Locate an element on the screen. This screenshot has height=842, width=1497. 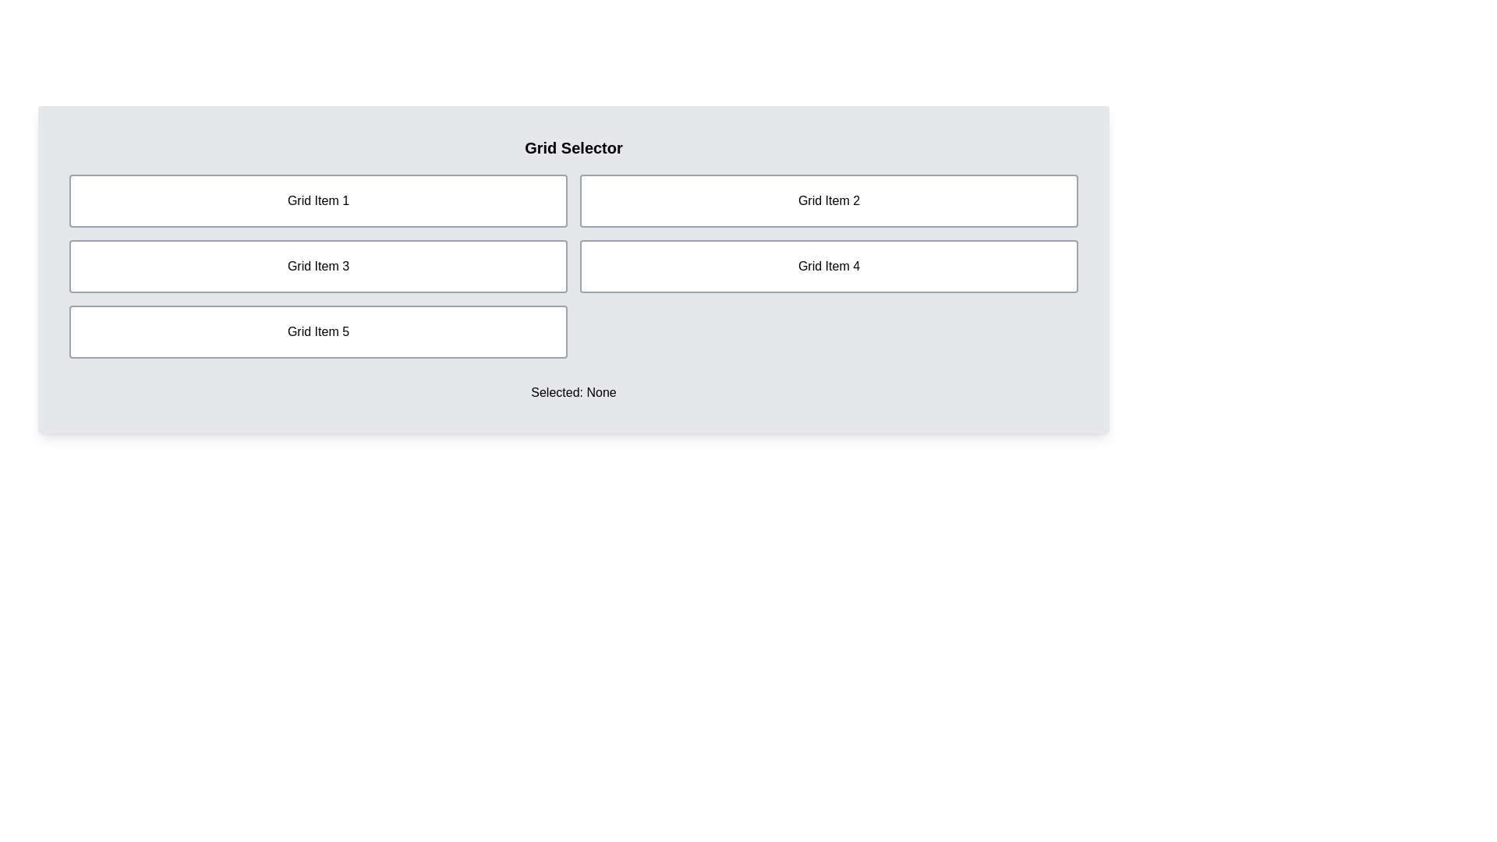
the selectable grid item labeled 'Grid Item 4', which is a rectangular box with a white background and gray border, located in the second column of the second row of the 'Grid Selector' section is located at coordinates (828, 266).